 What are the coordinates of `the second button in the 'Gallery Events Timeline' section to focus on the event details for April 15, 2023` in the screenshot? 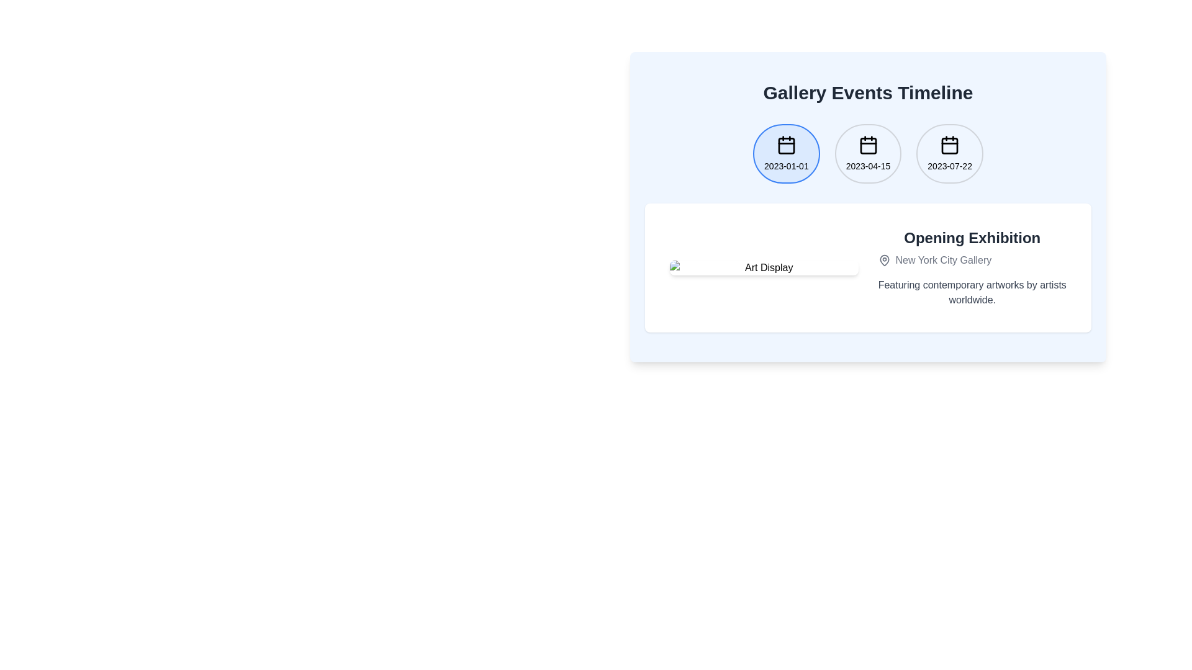 It's located at (867, 153).